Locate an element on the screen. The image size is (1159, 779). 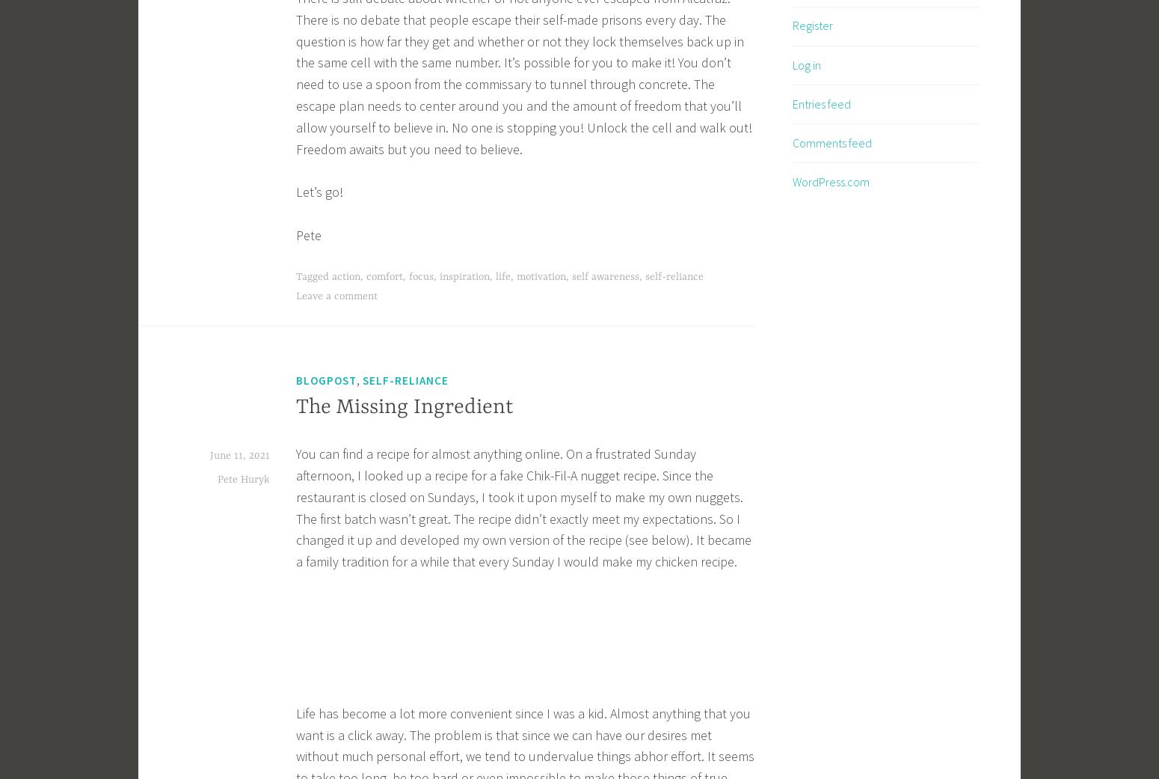
'You can find a recipe for almost anything online.  On a frustrated Sunday afternoon, I looked up a recipe for a fake Chik-Fil-A nugget recipe.  Since the restaurant is closed on Sundays, I took it upon myself to make my own nuggets.  The first batch wasn’t great.  The recipe didn’t exactly meet my expectations.  So I changed it up and developed my own version of the recipe (see below).  It became a family tradition for a while that every Sunday I would make my chicken recipe.' is located at coordinates (523, 507).